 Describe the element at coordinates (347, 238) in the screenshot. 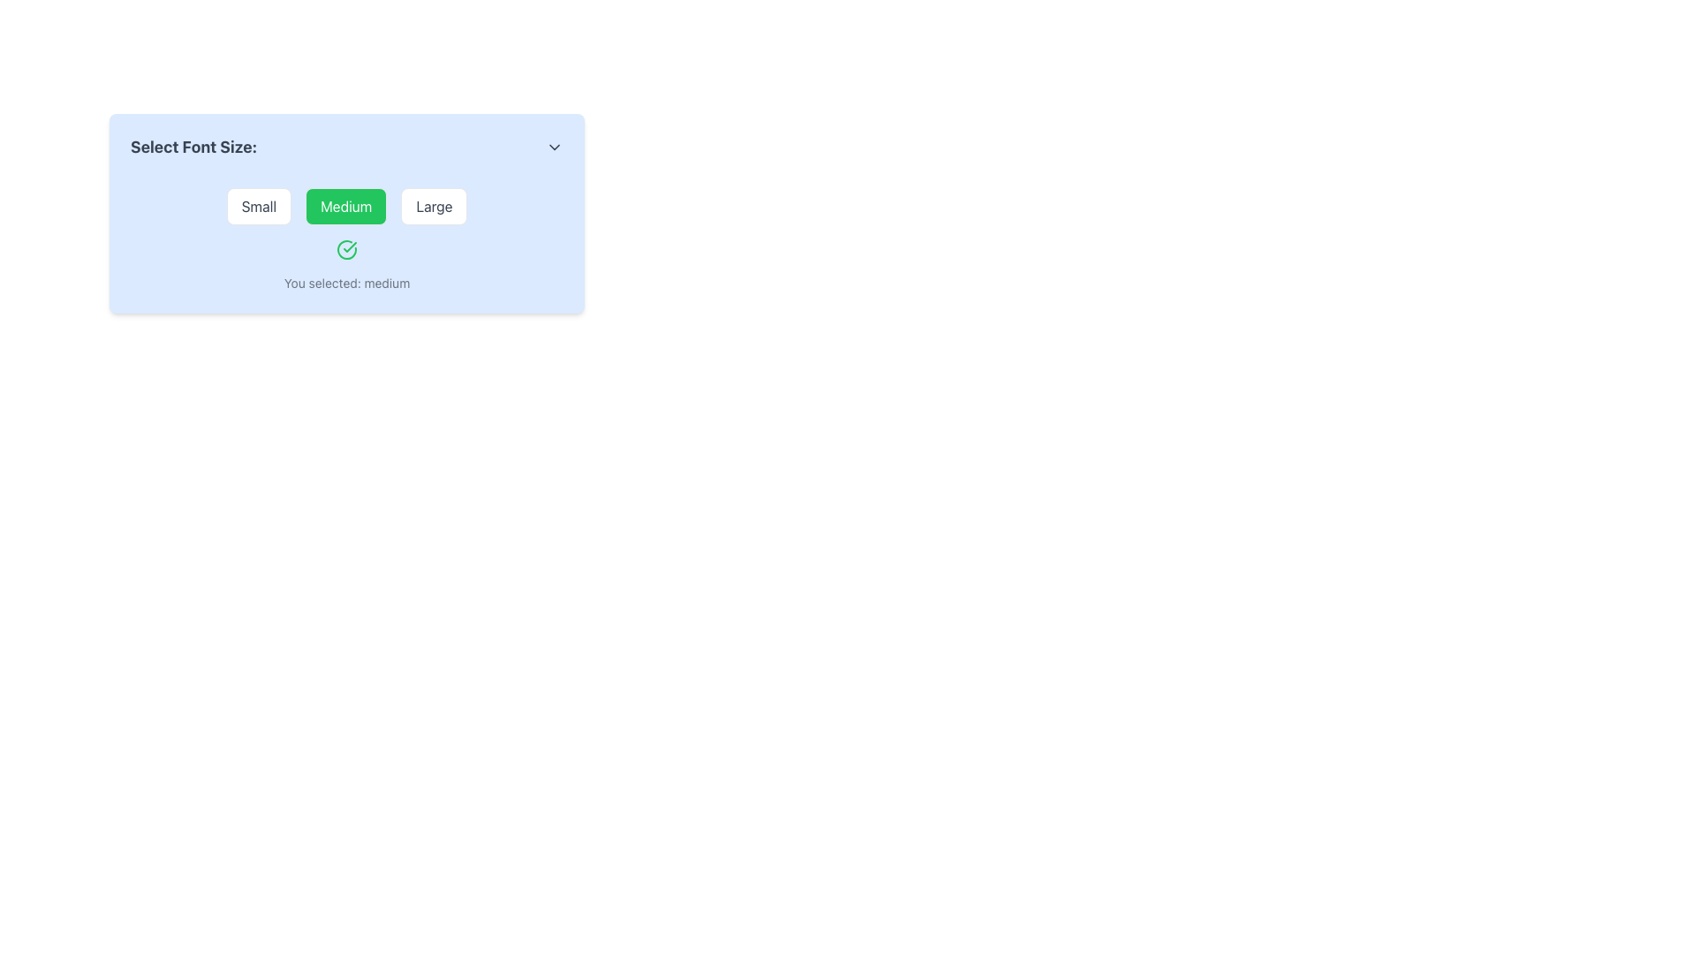

I see `or click the confirmation icon in the interactive panel labeled 'Select Font Size:' which displays the selected option 'Medium'` at that location.